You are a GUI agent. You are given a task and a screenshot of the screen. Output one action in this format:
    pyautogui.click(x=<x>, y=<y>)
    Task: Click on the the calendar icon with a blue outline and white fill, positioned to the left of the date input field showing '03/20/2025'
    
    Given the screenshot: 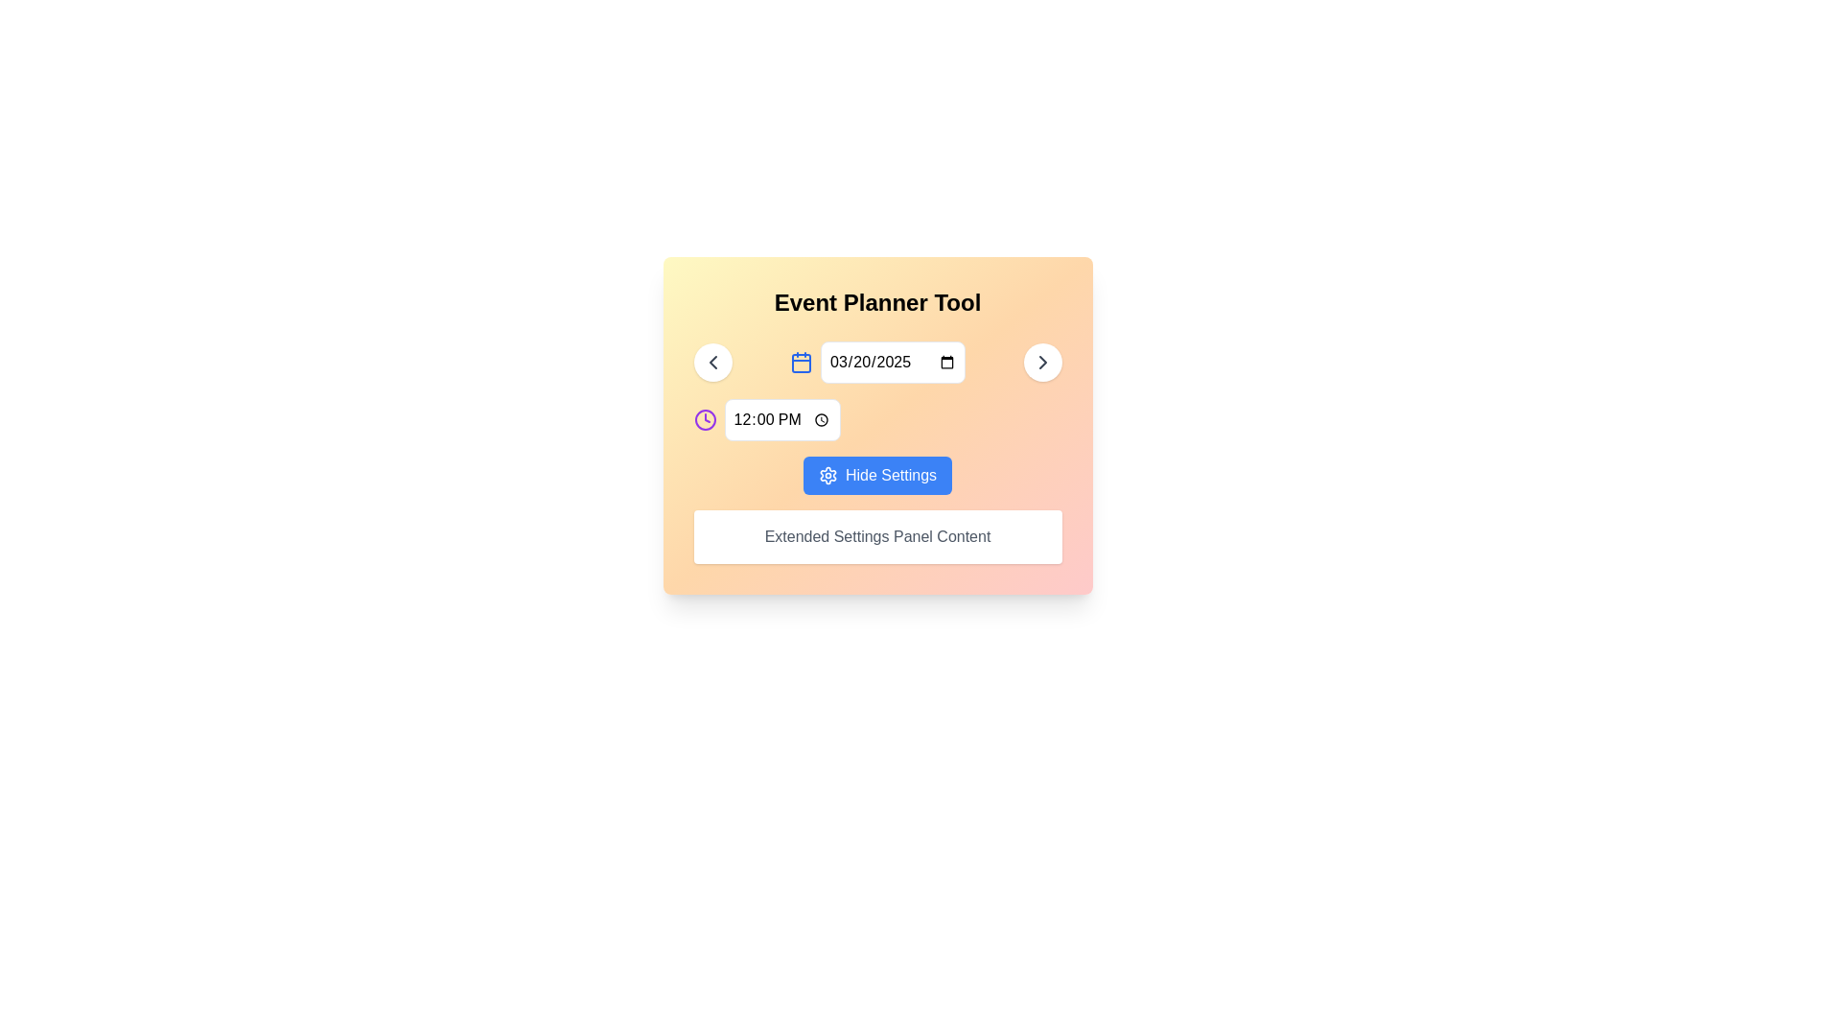 What is the action you would take?
    pyautogui.click(x=801, y=363)
    